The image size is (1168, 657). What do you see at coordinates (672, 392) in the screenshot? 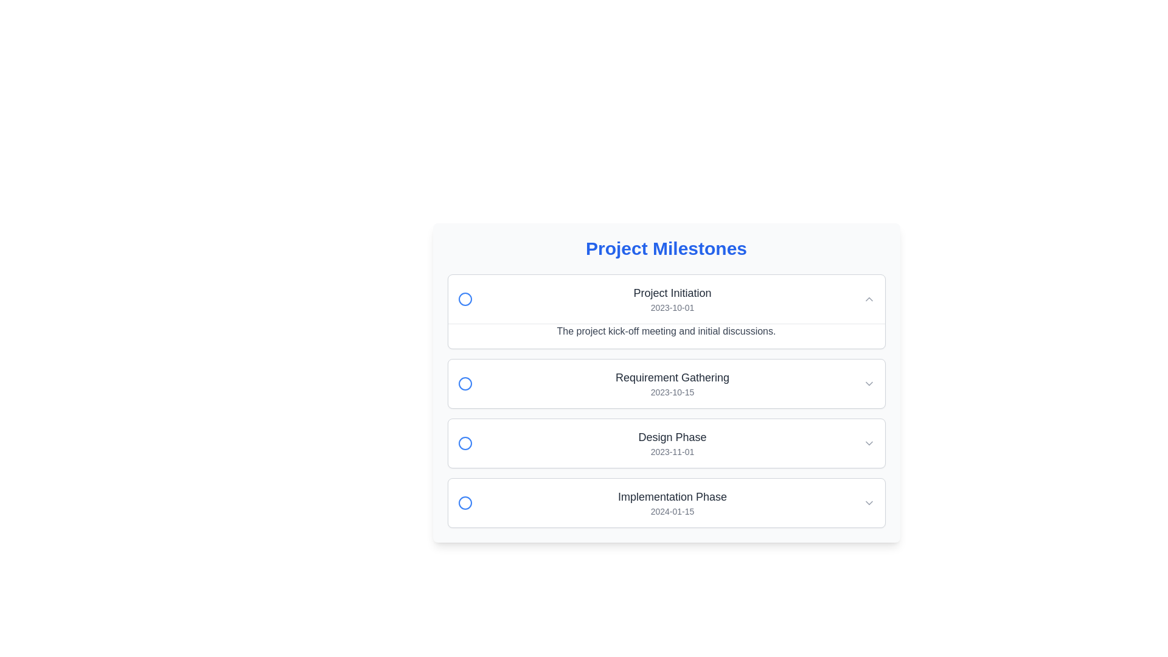
I see `the text label displaying the date associated with 'Requirement Gathering', which is positioned directly below the corresponding text in a vertical list` at bounding box center [672, 392].